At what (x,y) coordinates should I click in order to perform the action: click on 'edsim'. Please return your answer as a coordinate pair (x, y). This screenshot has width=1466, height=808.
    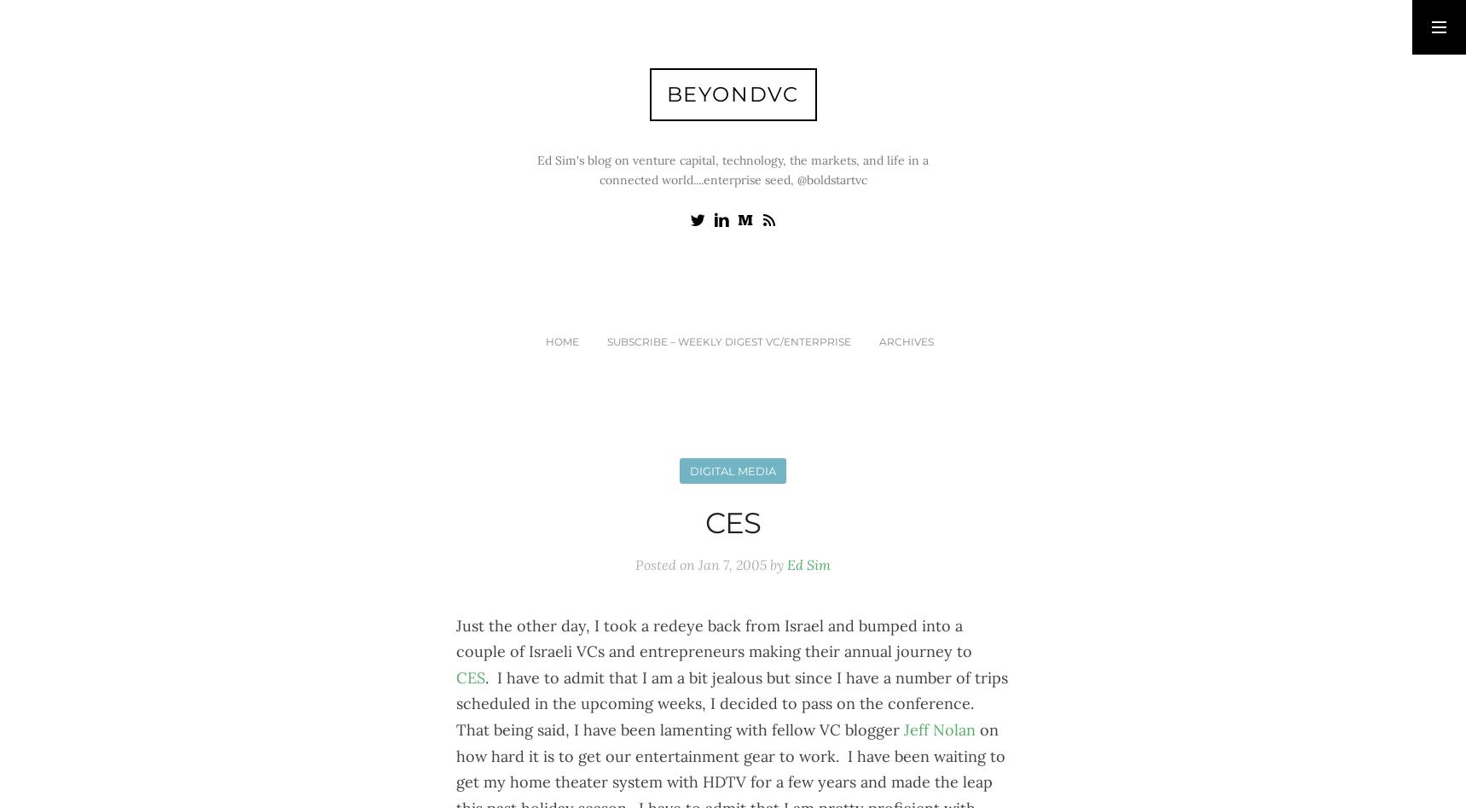
    Looking at the image, I should click on (1184, 91).